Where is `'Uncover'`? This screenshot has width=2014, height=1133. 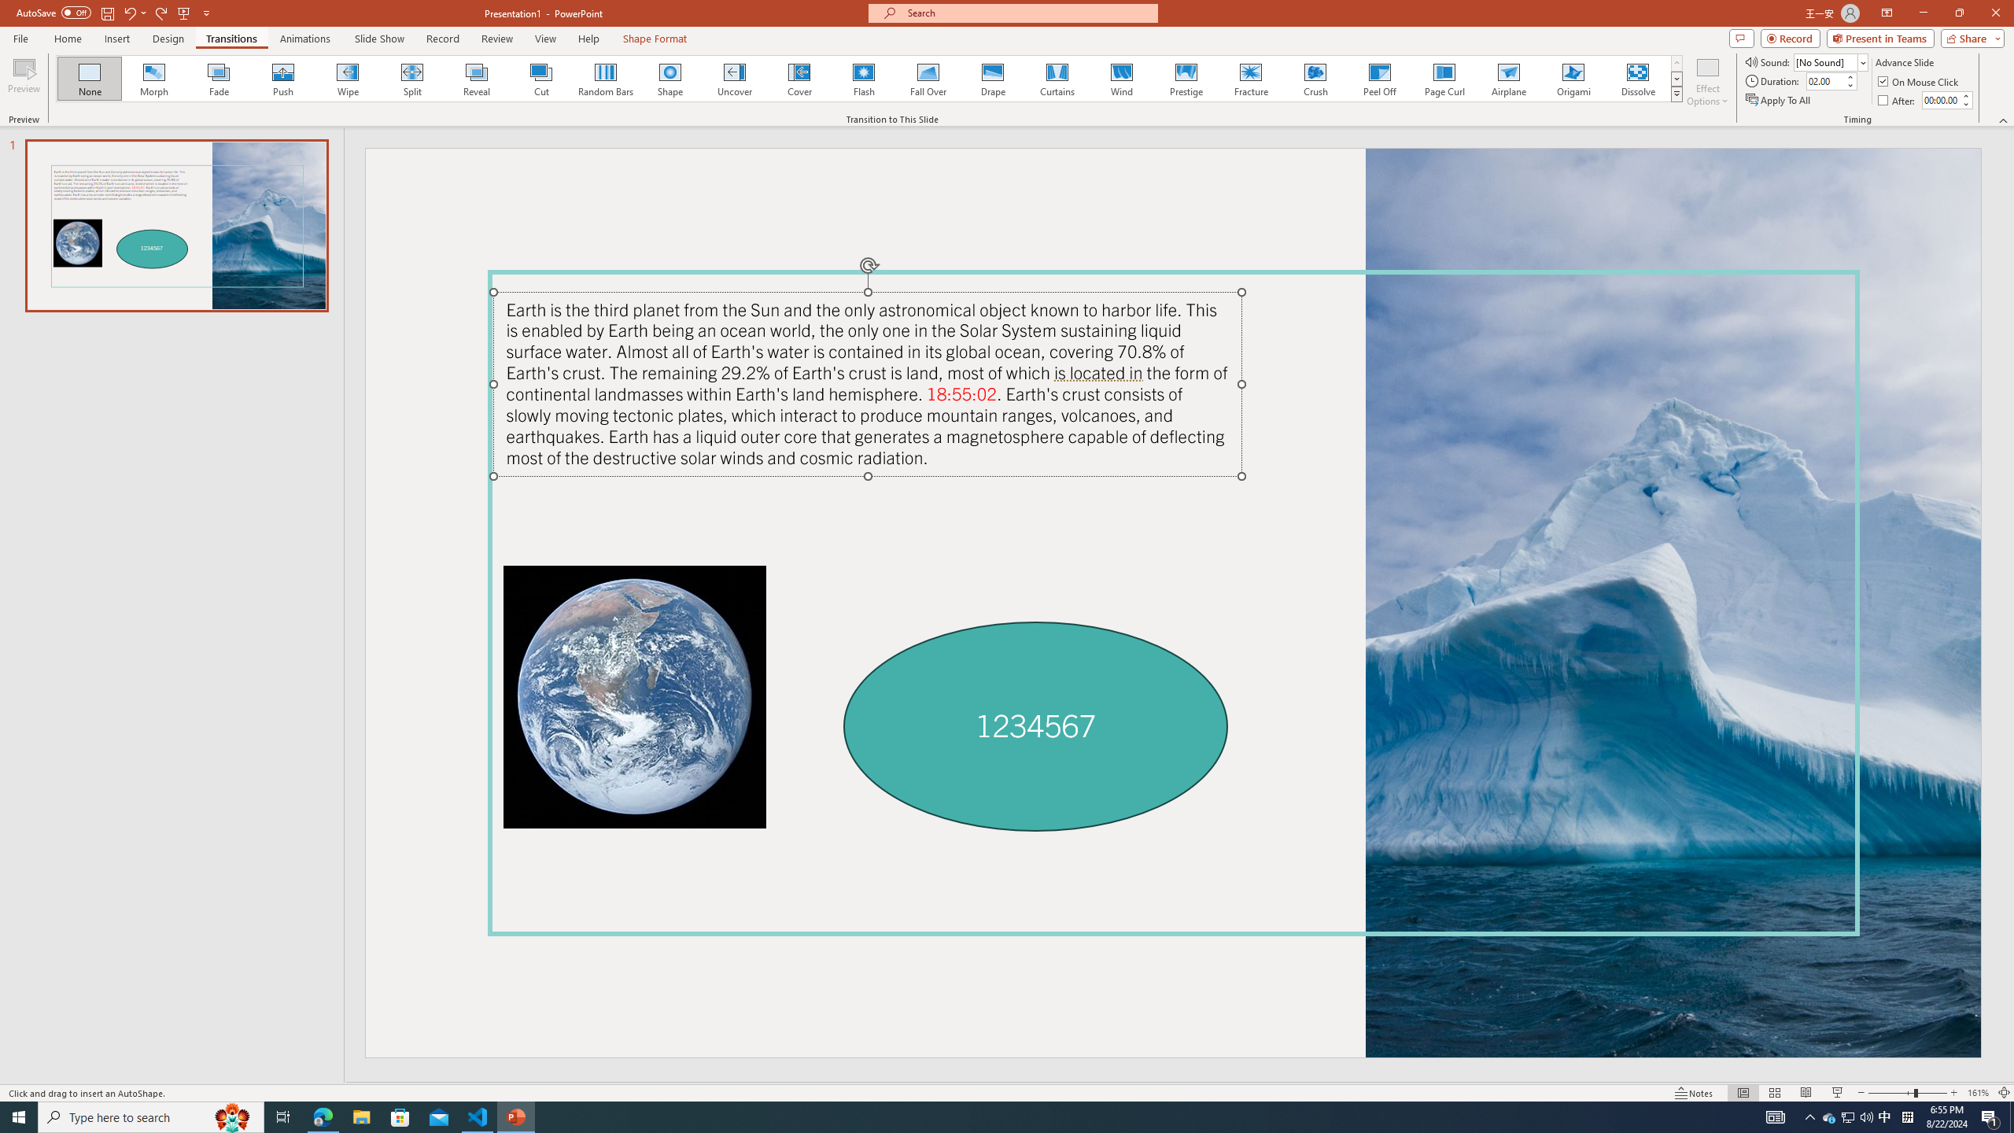
'Uncover' is located at coordinates (734, 78).